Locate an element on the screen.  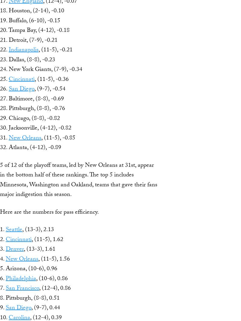
'San Francisco' is located at coordinates (22, 289).